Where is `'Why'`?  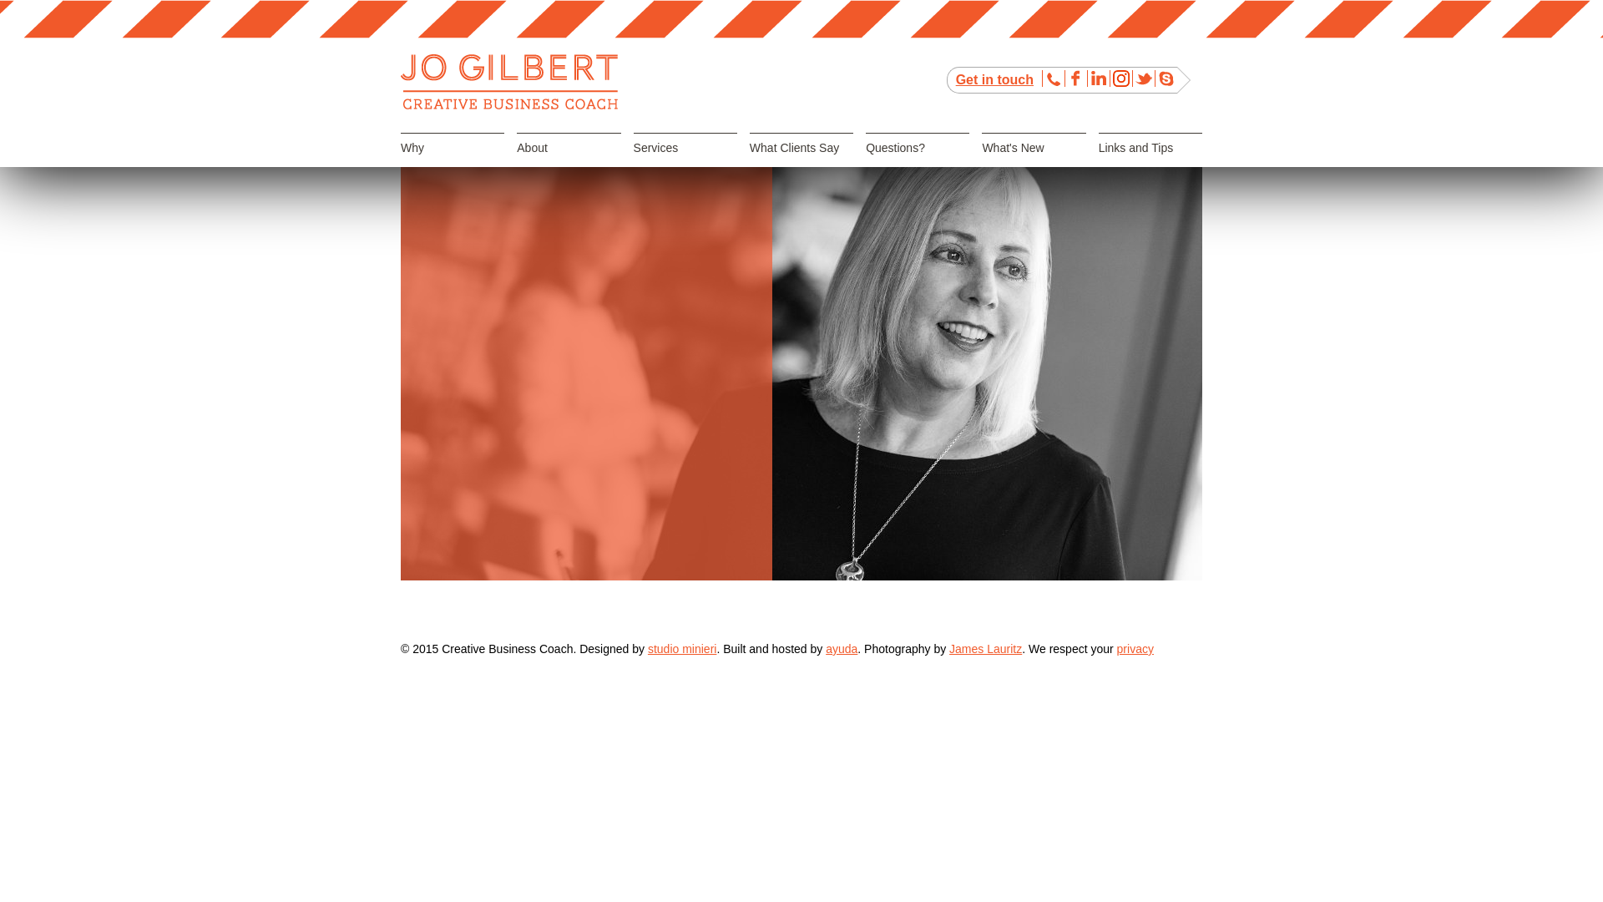
'Why' is located at coordinates (401, 163).